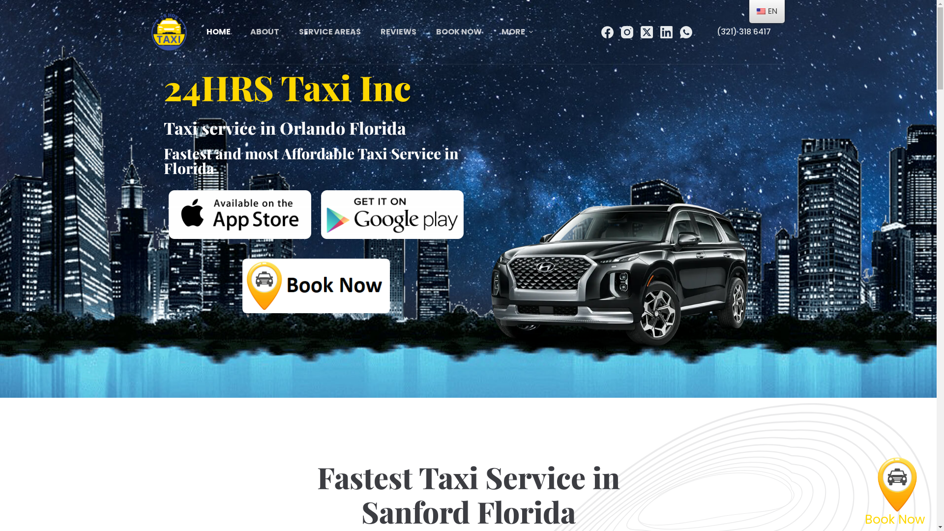 This screenshot has width=944, height=531. Describe the element at coordinates (897, 502) in the screenshot. I see `'Book Now'` at that location.